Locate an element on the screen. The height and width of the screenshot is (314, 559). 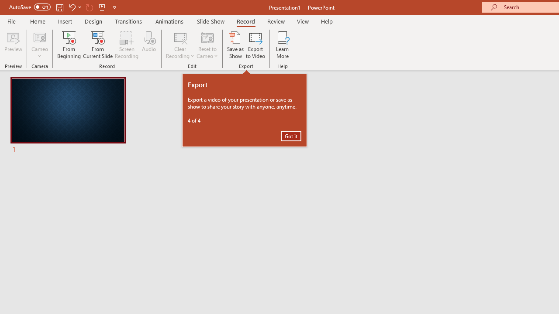
'Help' is located at coordinates (326, 21).